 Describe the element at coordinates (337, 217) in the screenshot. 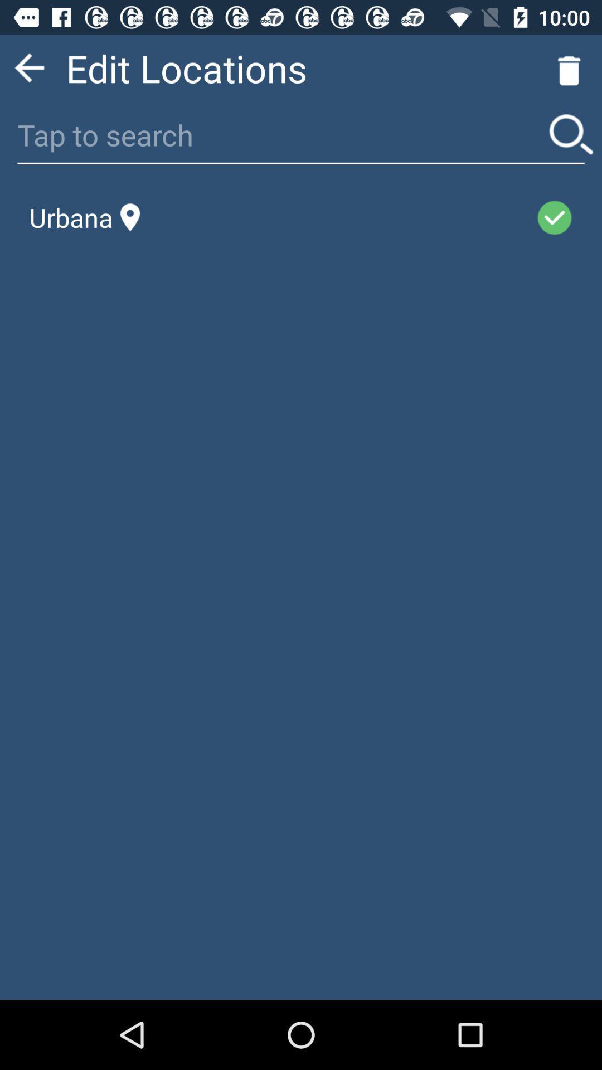

I see `the icon next to urbana item` at that location.